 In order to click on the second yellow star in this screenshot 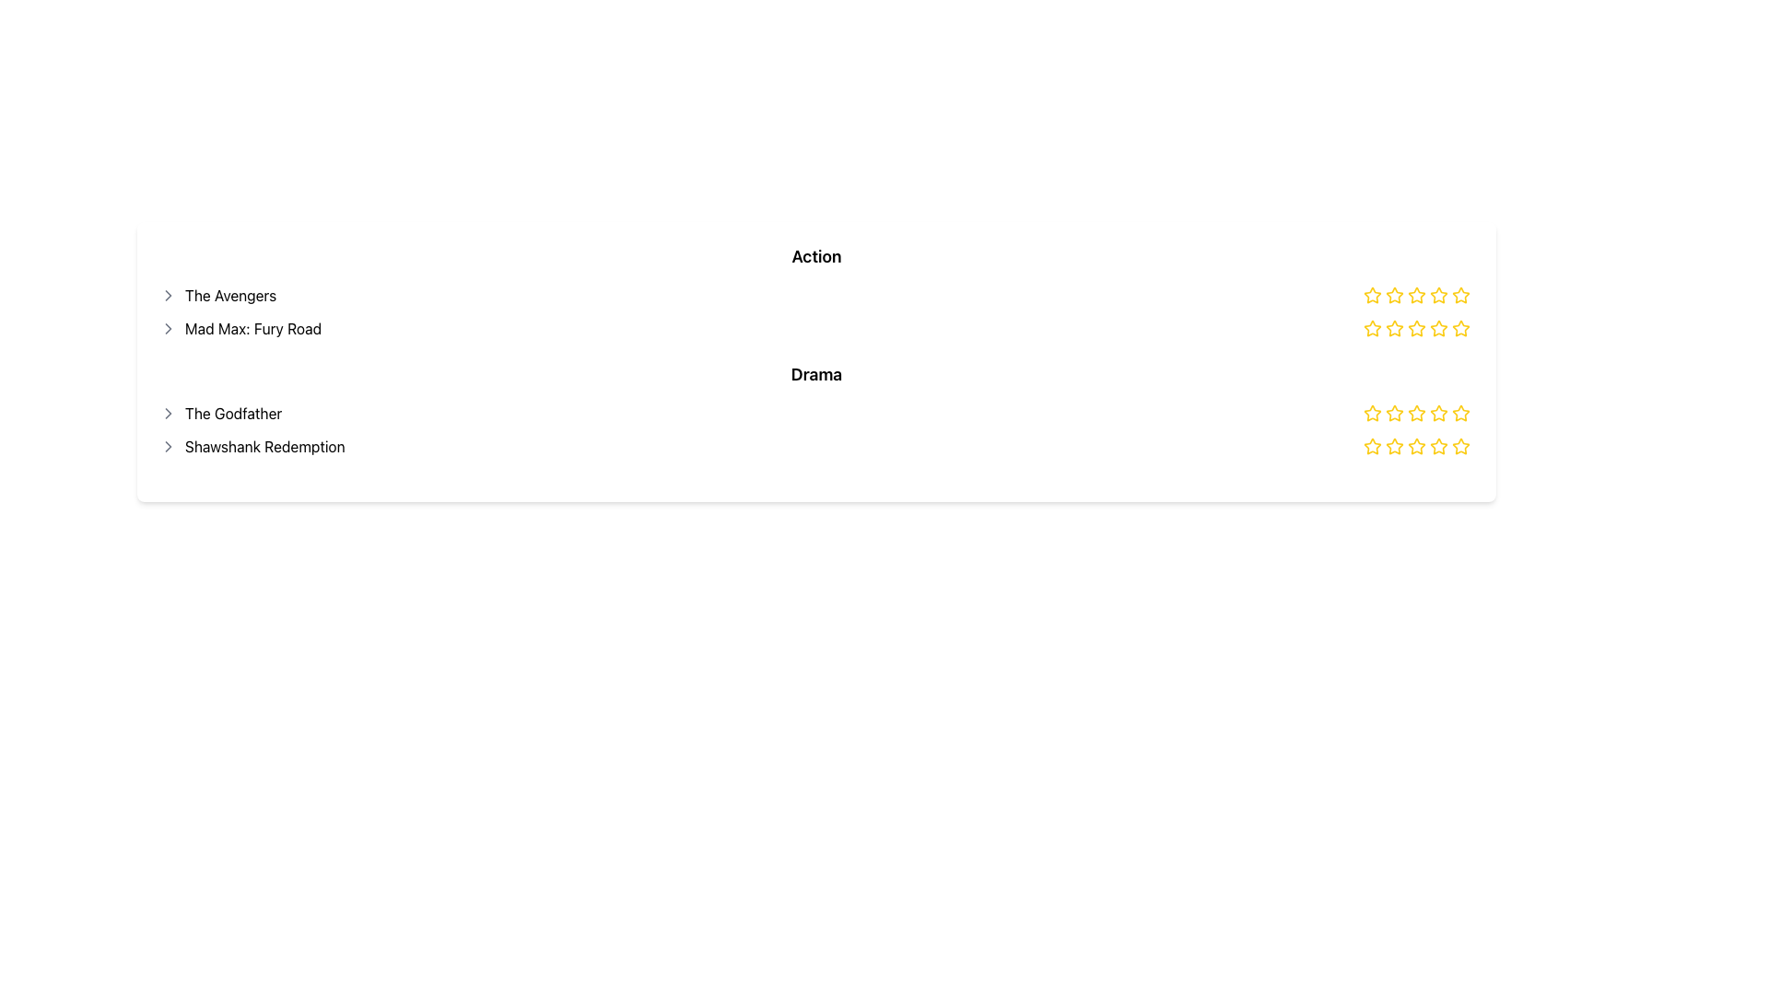, I will do `click(1394, 327)`.